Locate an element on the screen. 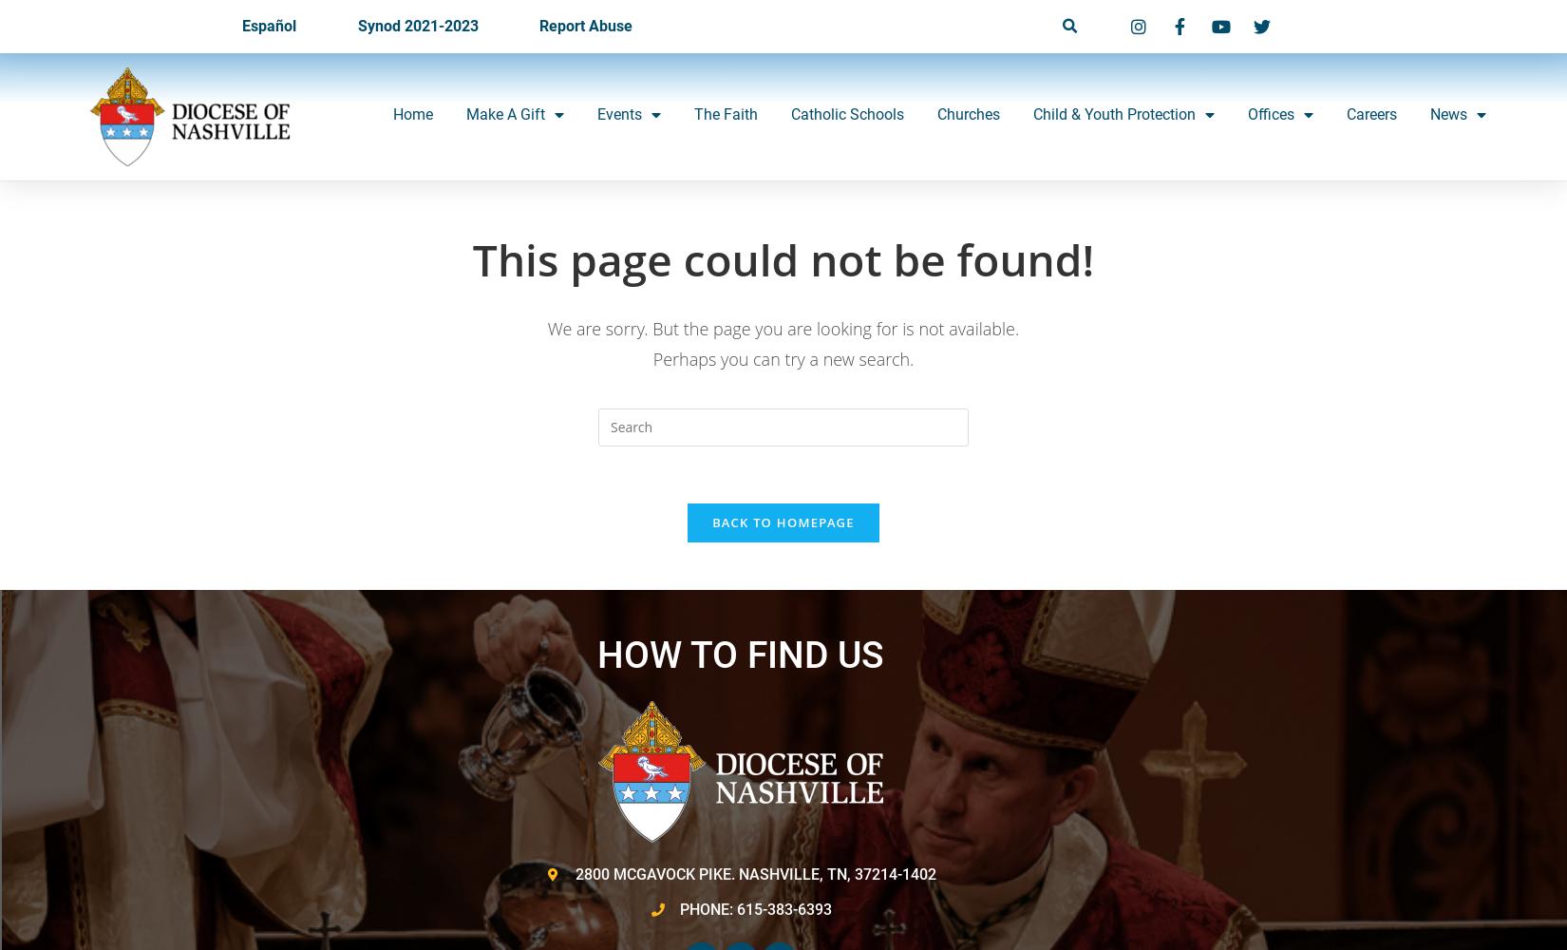 This screenshot has width=1567, height=950. 'Perhaps you can try a new search.' is located at coordinates (651, 359).